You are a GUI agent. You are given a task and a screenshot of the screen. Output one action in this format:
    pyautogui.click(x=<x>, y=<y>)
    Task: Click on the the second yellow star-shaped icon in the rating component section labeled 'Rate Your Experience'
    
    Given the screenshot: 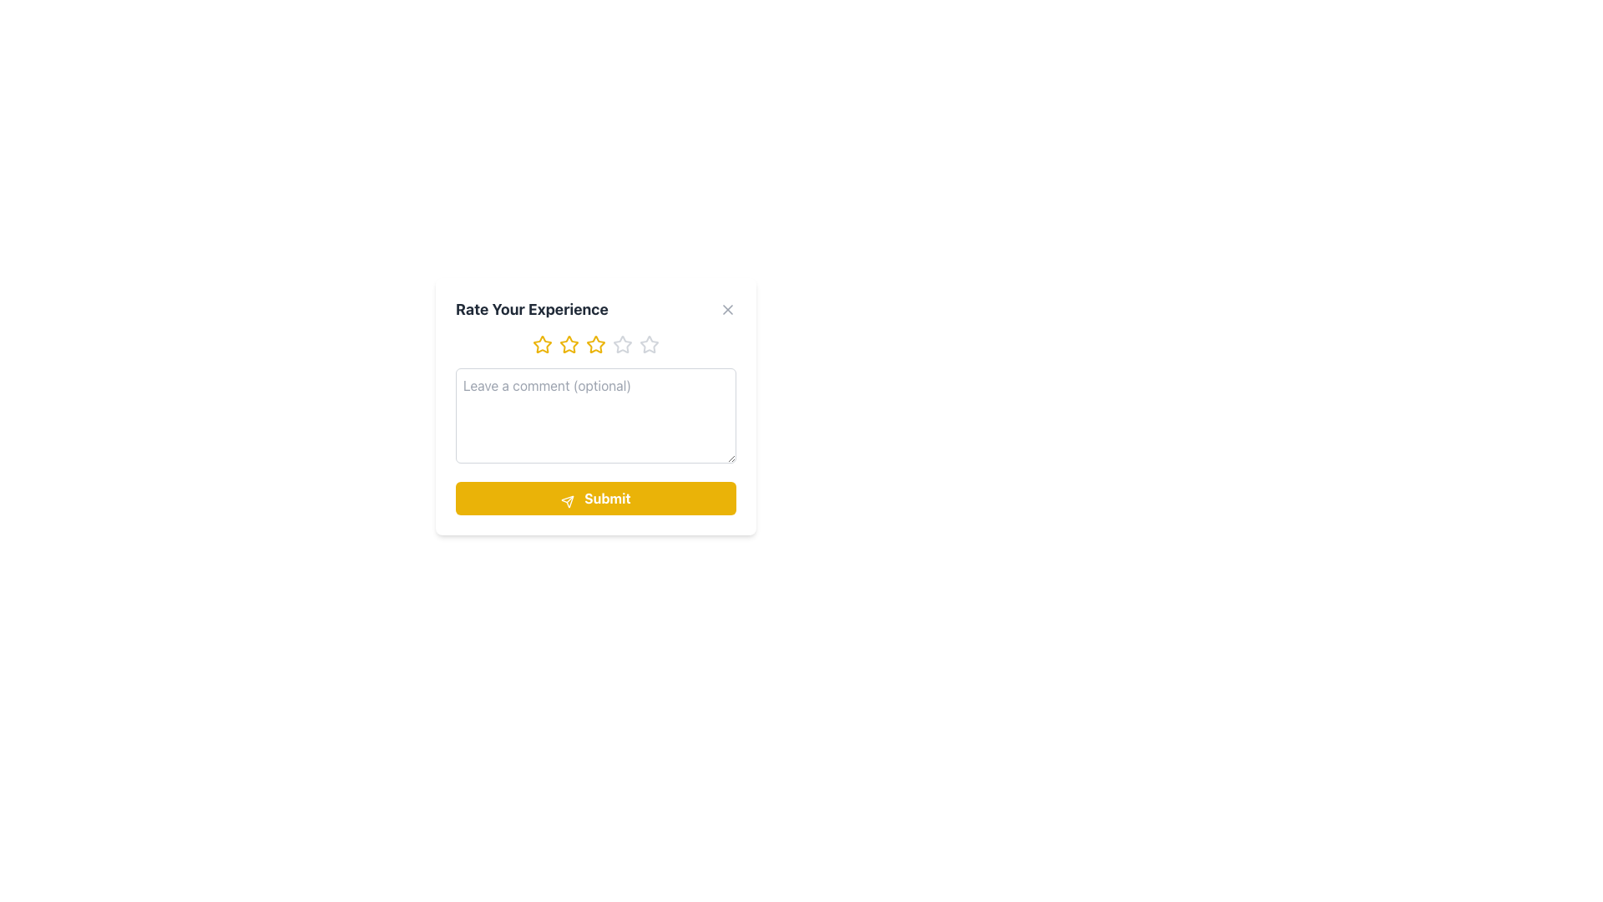 What is the action you would take?
    pyautogui.click(x=569, y=343)
    